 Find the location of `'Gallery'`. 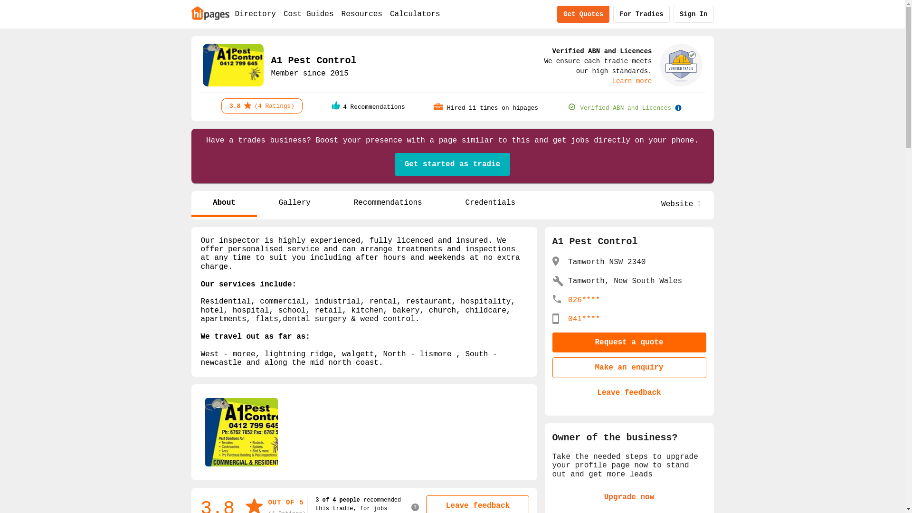

'Gallery' is located at coordinates (294, 203).